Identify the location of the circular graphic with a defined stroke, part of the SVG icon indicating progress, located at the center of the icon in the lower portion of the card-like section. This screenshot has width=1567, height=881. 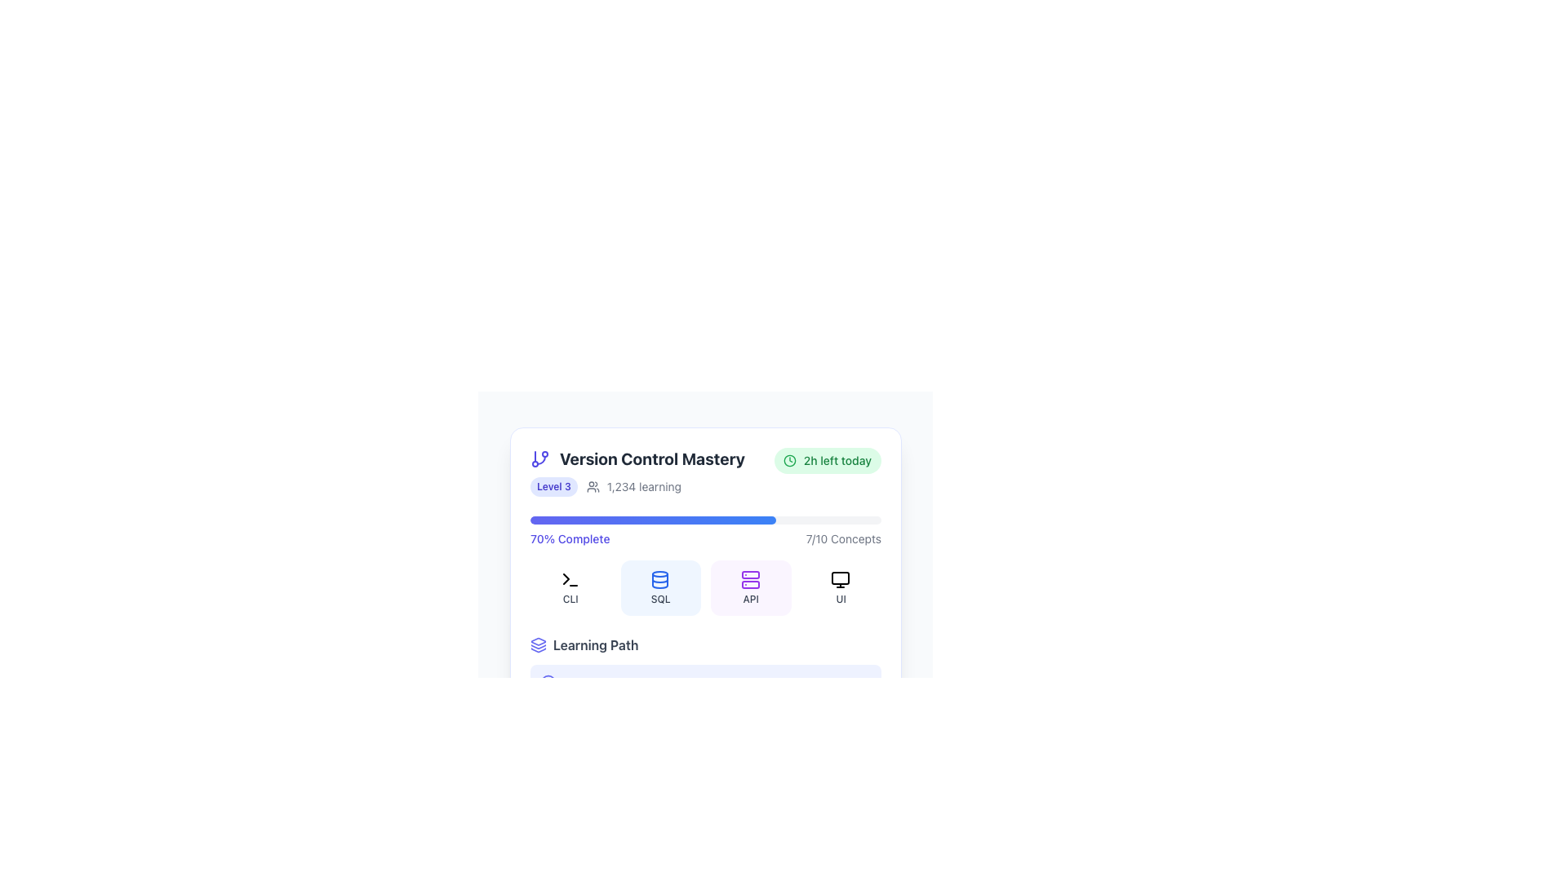
(548, 683).